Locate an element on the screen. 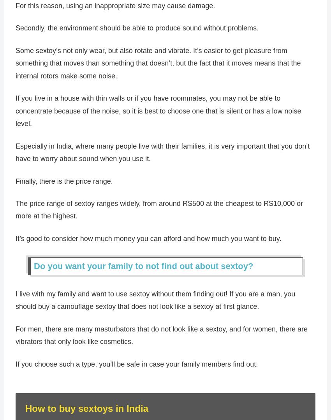 The image size is (331, 420). 'Secondly, the environment should be able to produce sound without problems.' is located at coordinates (15, 31).